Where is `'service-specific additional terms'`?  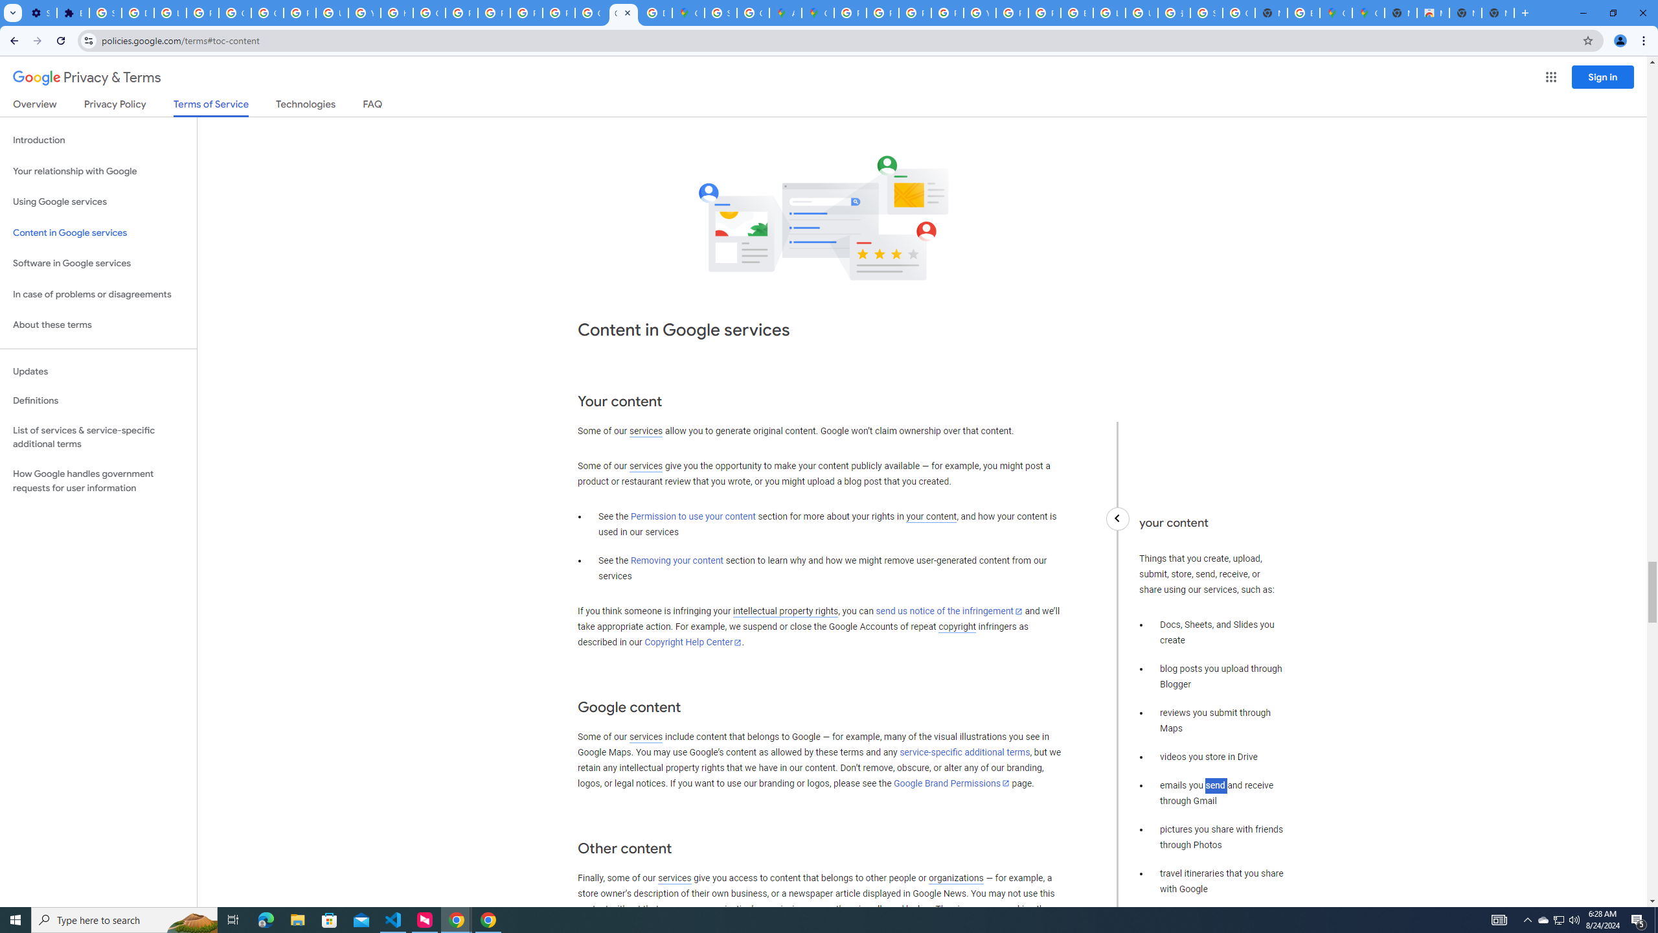
'service-specific additional terms' is located at coordinates (964, 752).